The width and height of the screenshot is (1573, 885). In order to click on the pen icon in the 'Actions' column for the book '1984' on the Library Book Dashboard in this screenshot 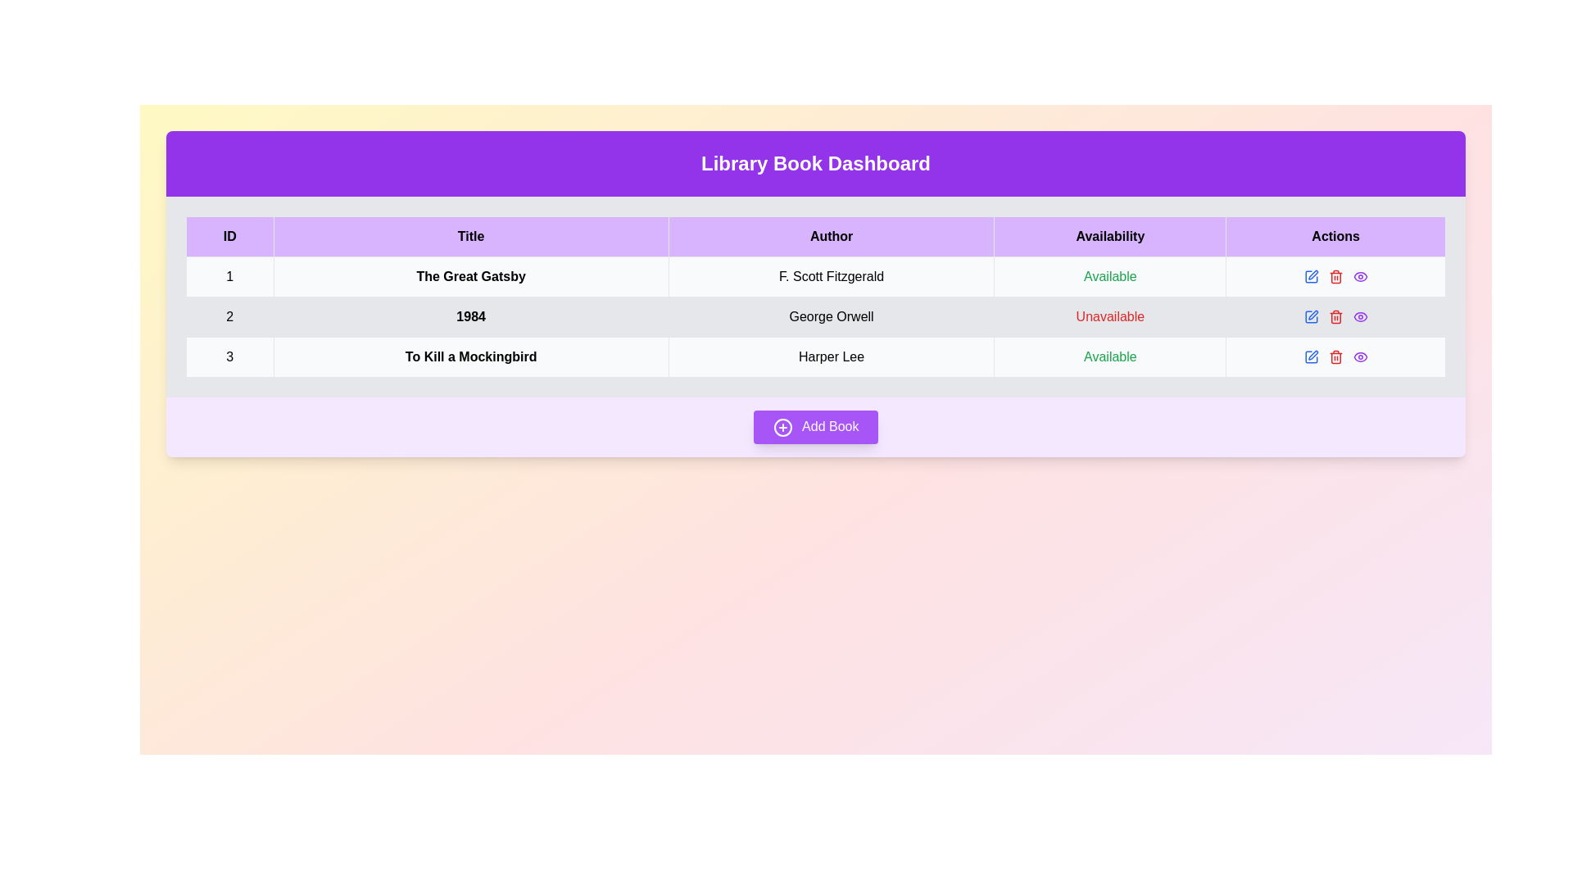, I will do `click(1313, 274)`.